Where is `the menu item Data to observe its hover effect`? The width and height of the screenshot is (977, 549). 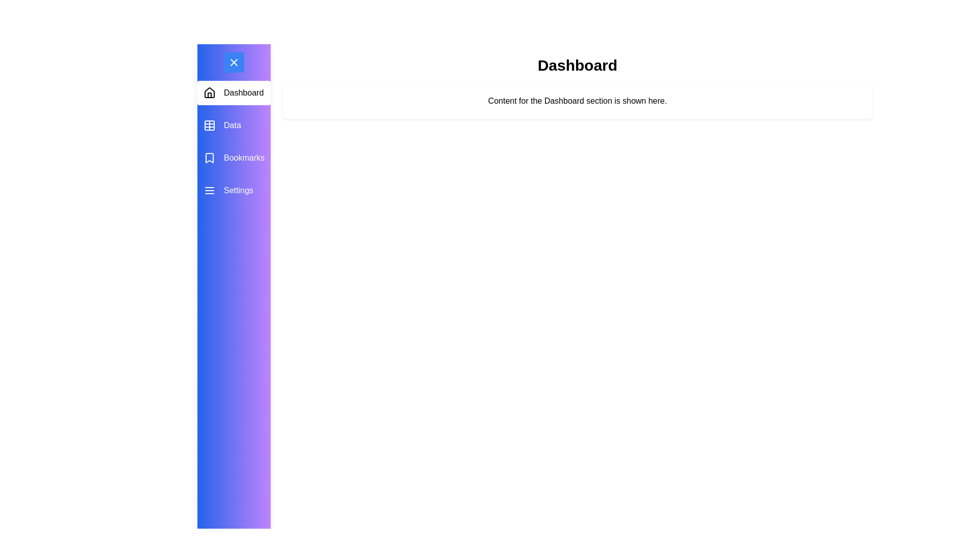
the menu item Data to observe its hover effect is located at coordinates (234, 125).